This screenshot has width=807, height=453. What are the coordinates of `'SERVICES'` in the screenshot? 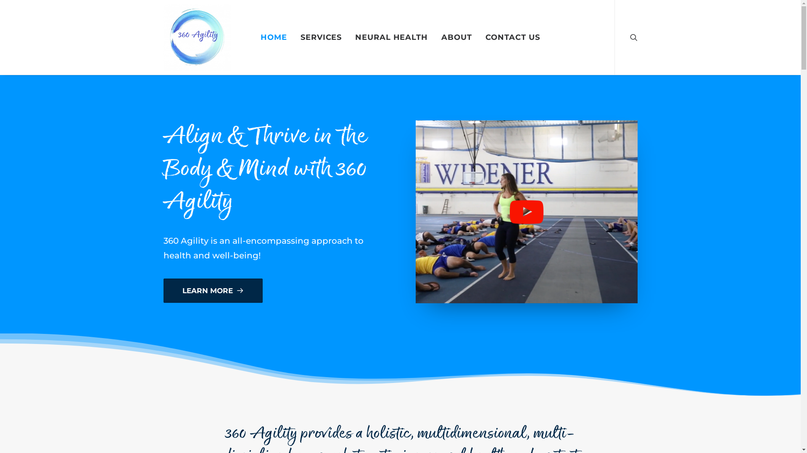 It's located at (294, 36).